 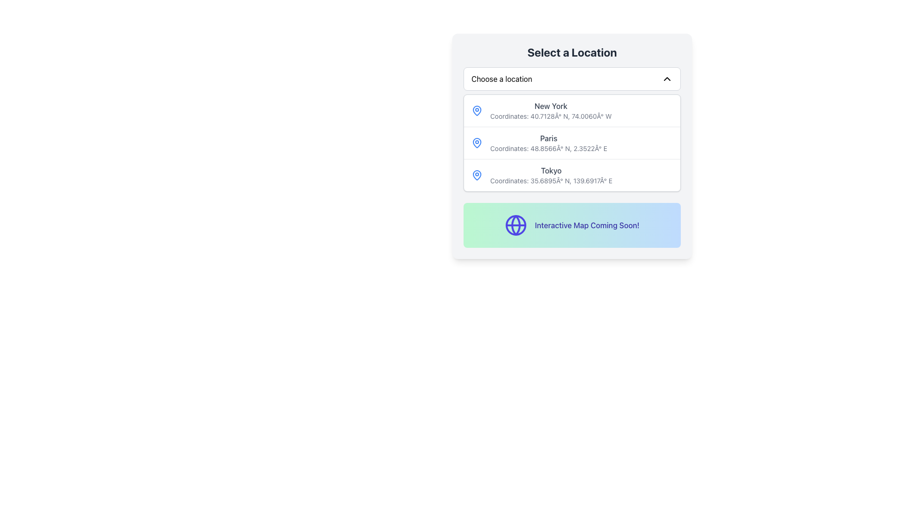 What do you see at coordinates (572, 225) in the screenshot?
I see `the informational banner at the bottom of the 'Select a Location' card, which indicates that an interactive map feature is forthcoming` at bounding box center [572, 225].